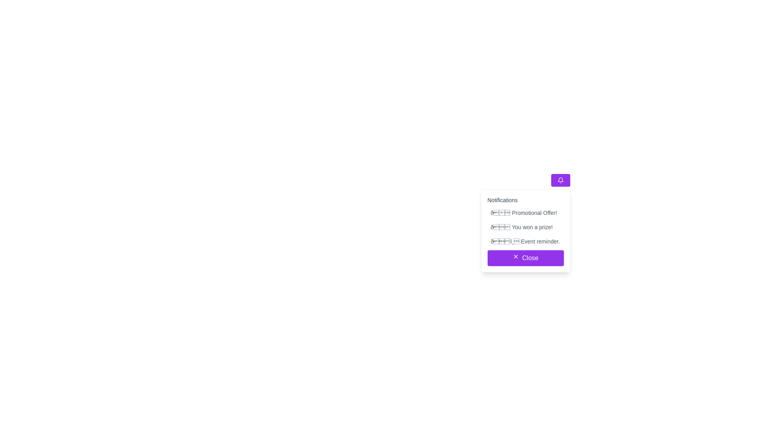  I want to click on the notification message text label that displays offers or promotions, which is the first in a vertical list of three items in the notification panel, so click(525, 213).